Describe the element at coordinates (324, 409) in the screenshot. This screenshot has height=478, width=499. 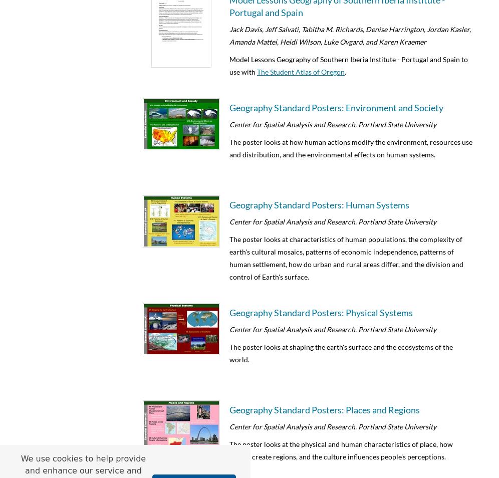
I see `'Geography Standard Posters: Places and Regions'` at that location.